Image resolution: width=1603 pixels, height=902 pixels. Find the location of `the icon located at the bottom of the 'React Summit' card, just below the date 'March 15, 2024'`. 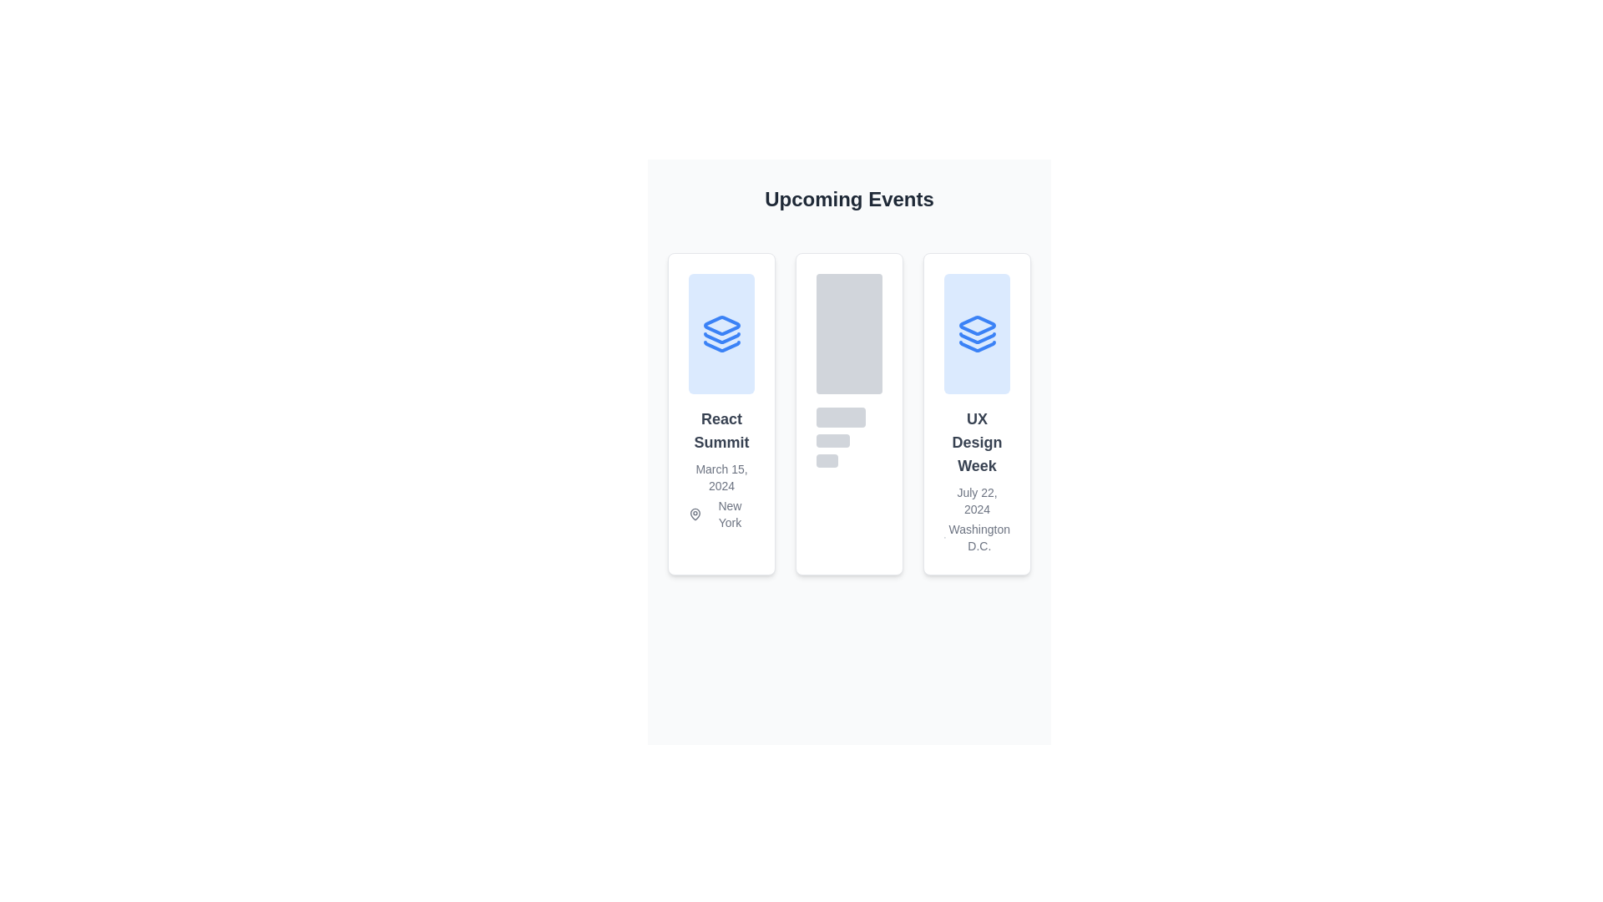

the icon located at the bottom of the 'React Summit' card, just below the date 'March 15, 2024' is located at coordinates (721, 514).